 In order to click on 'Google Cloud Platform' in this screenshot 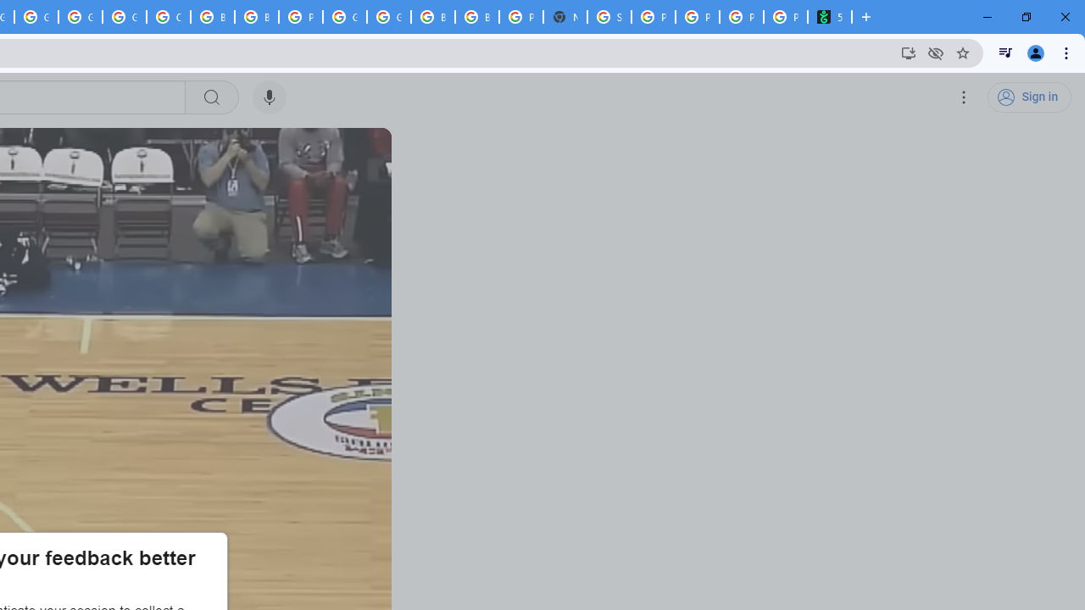, I will do `click(387, 17)`.